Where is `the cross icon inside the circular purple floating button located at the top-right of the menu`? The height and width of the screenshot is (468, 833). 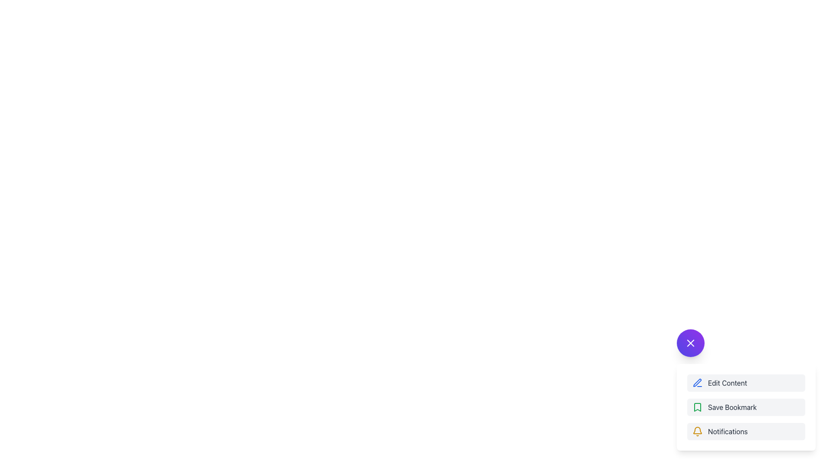 the cross icon inside the circular purple floating button located at the top-right of the menu is located at coordinates (690, 342).